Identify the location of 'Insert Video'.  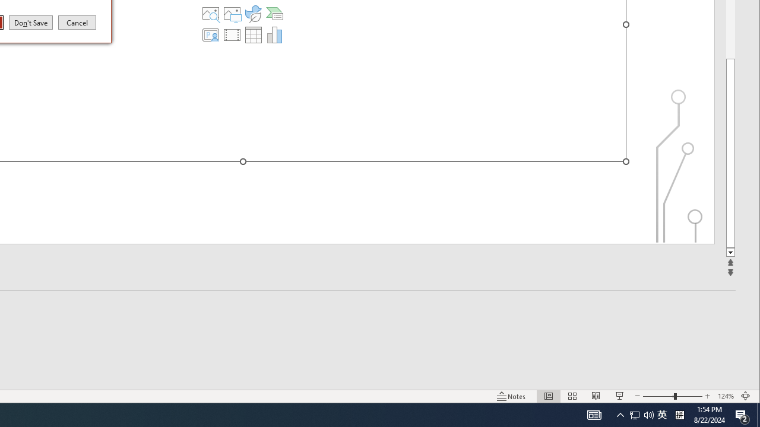
(232, 34).